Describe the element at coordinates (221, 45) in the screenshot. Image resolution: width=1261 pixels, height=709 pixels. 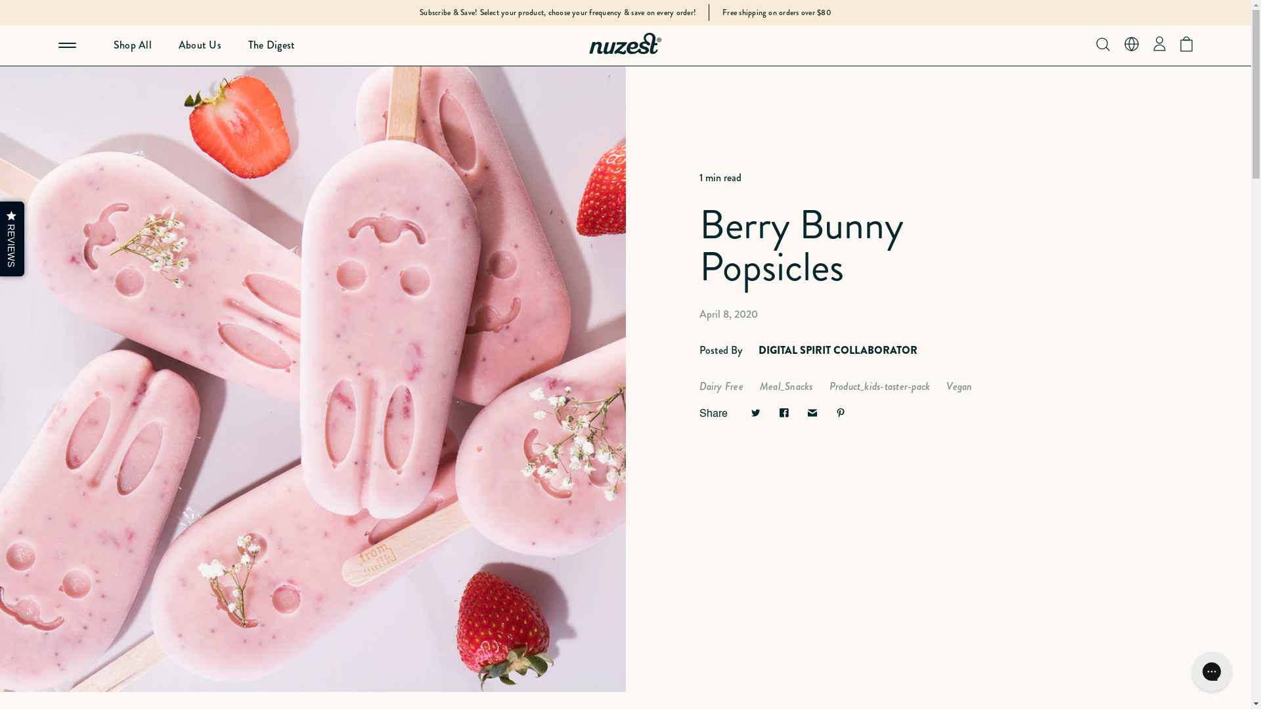
I see `'The Digest'` at that location.